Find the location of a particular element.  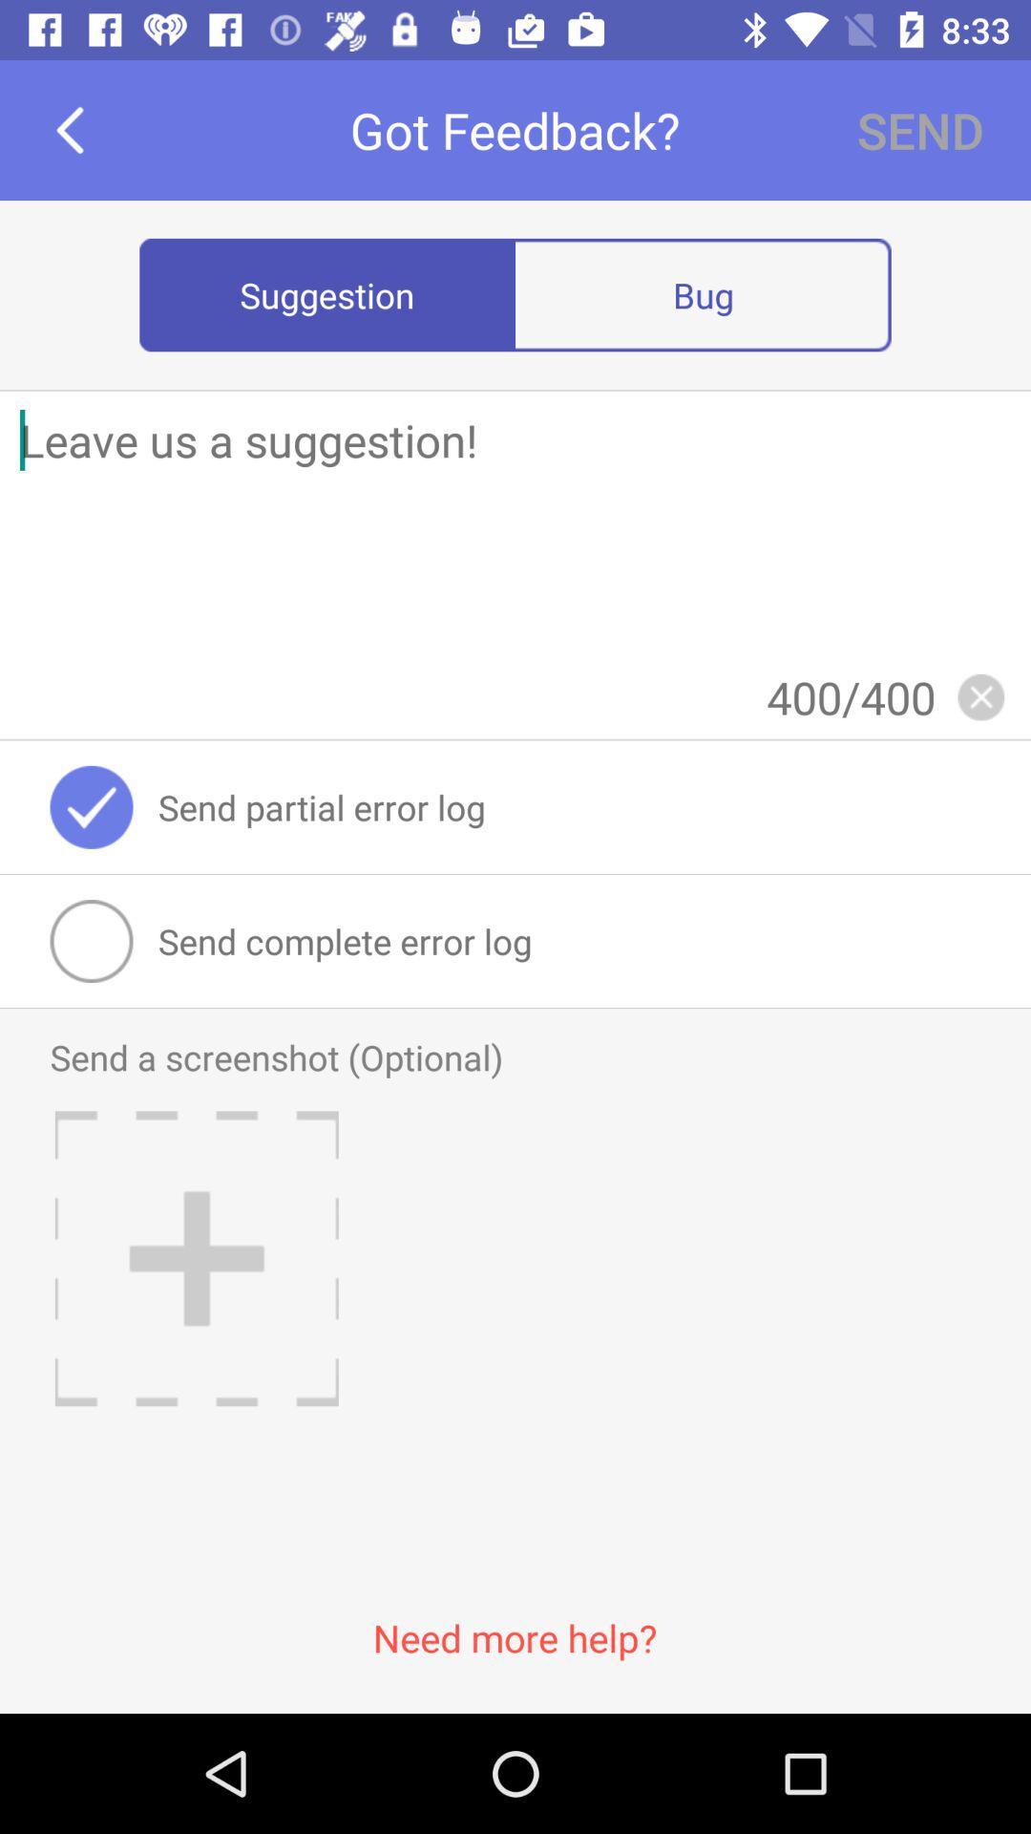

the icon next to 400/400 item is located at coordinates (980, 695).